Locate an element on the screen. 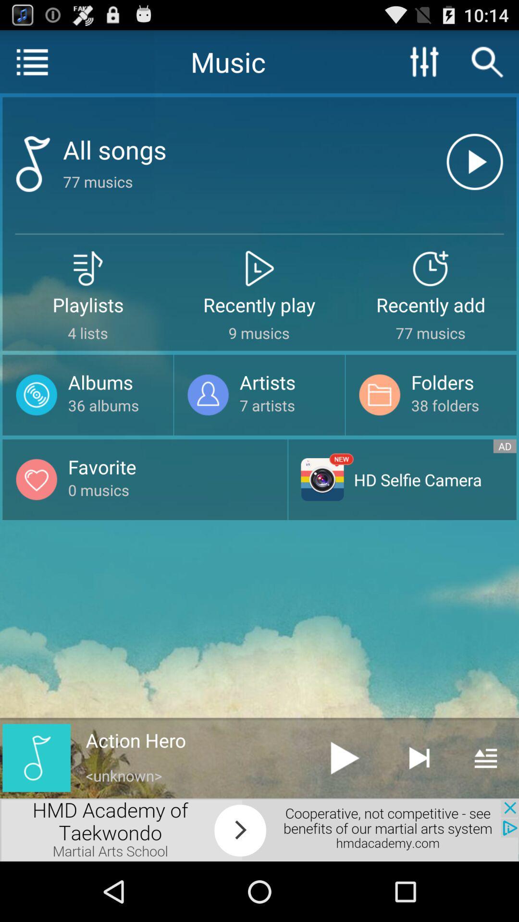 The height and width of the screenshot is (922, 519). the icon beside albums is located at coordinates (36, 395).